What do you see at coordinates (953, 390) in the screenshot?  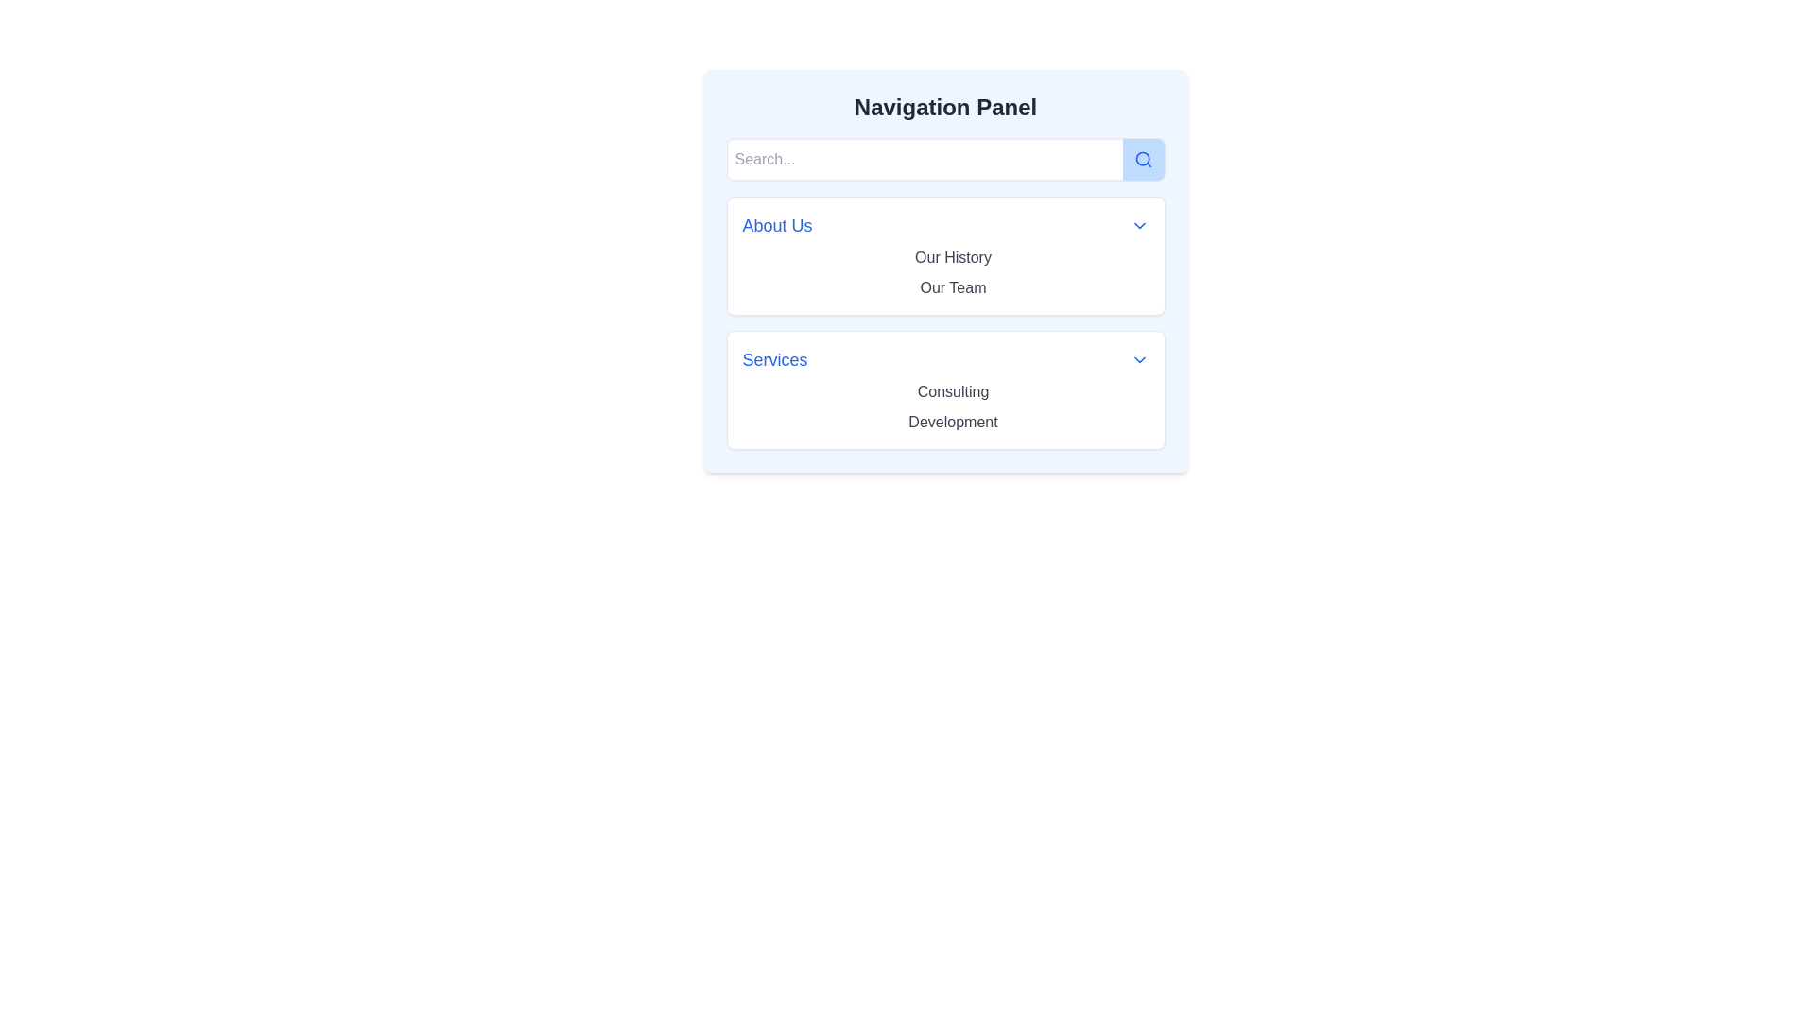 I see `the first hyperlink in the 'Services' section of the navigation panel` at bounding box center [953, 390].